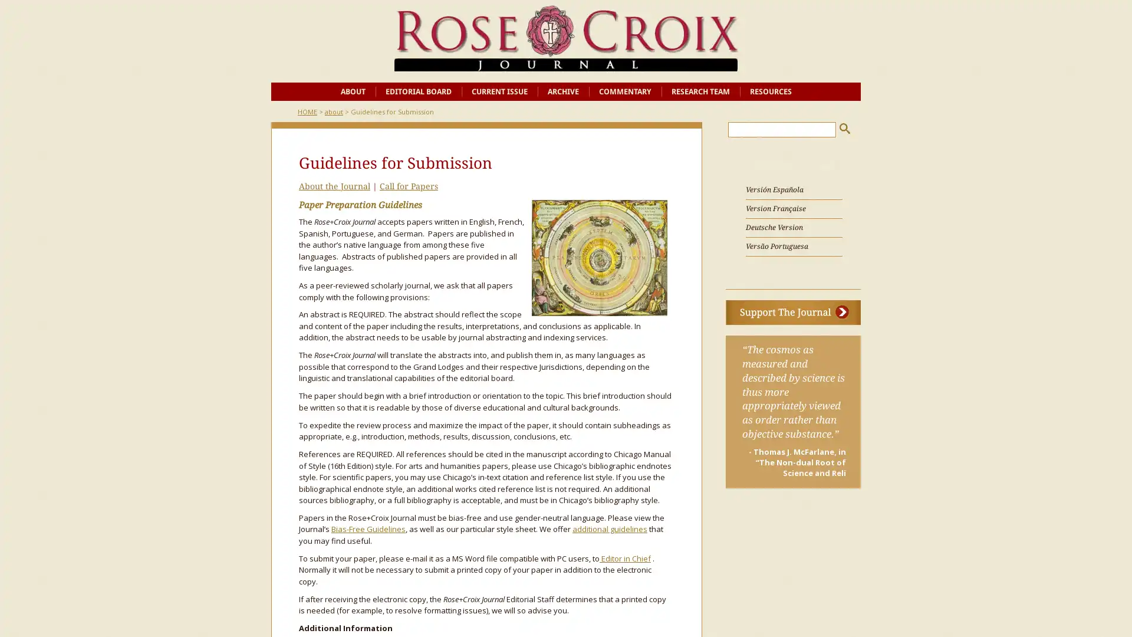 The image size is (1132, 637). Describe the element at coordinates (844, 128) in the screenshot. I see `search` at that location.